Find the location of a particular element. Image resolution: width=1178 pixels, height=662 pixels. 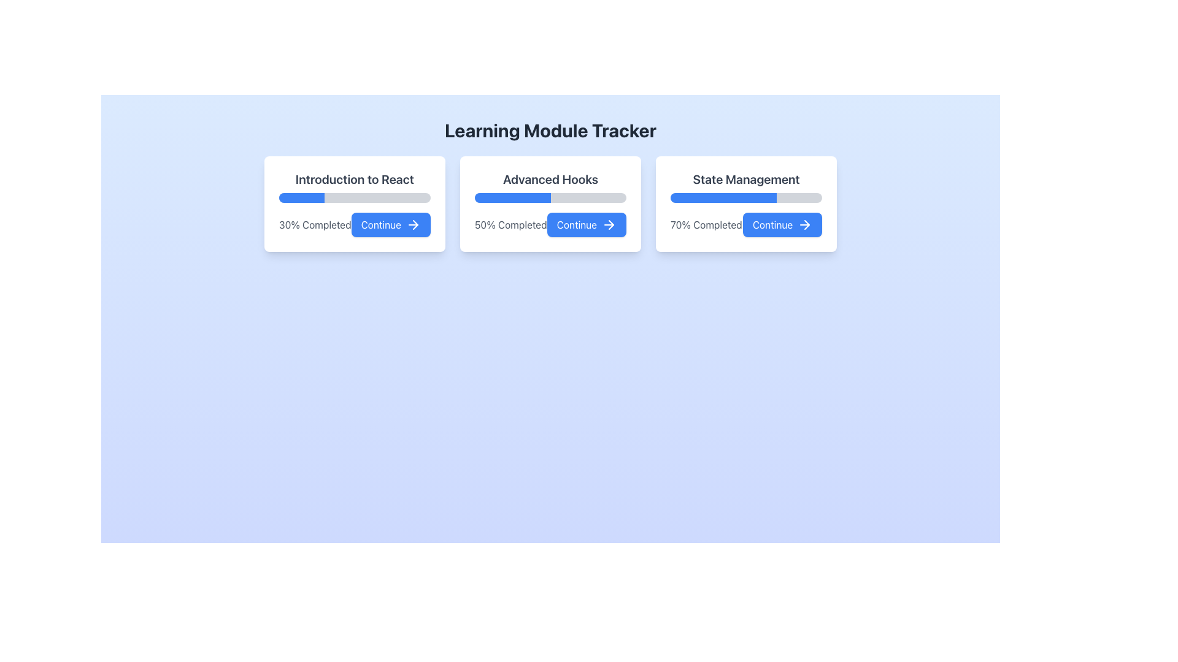

the 'State Management' text label, which is styled with a larger font size, bold typeface, and dark gray color, positioned at the top of the module card with a white background is located at coordinates (745, 180).